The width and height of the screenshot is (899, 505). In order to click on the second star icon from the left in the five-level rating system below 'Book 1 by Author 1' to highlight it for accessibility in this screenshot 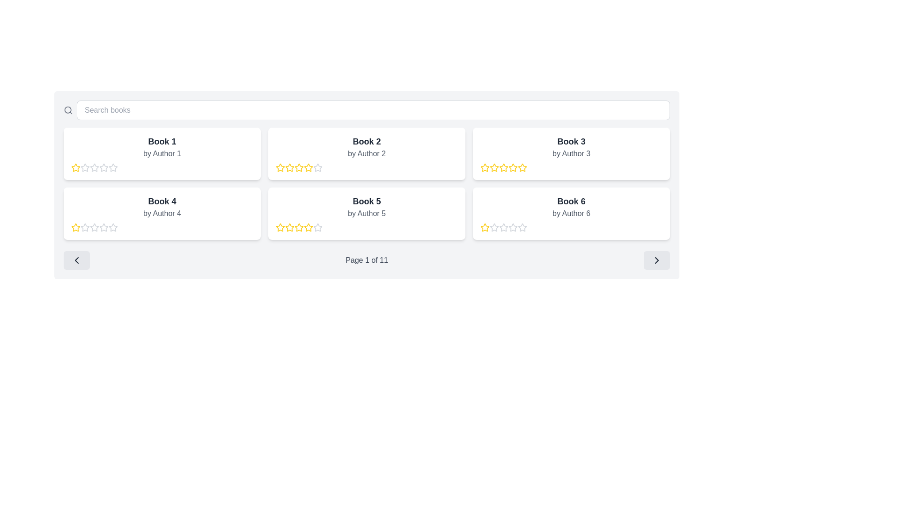, I will do `click(103, 167)`.